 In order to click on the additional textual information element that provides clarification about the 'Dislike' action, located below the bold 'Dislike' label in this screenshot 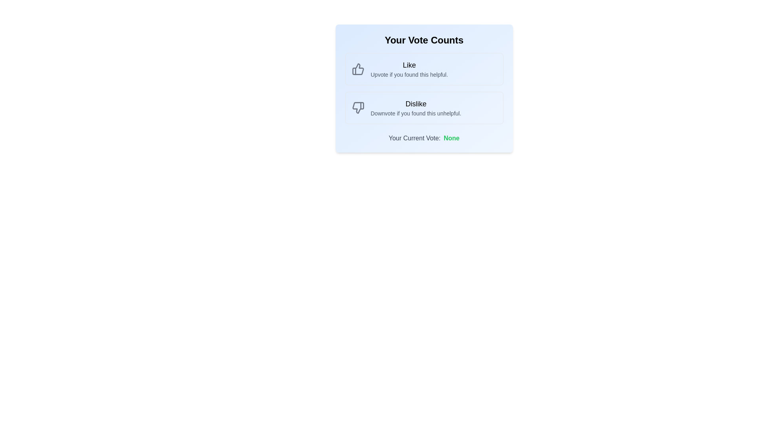, I will do `click(415, 113)`.